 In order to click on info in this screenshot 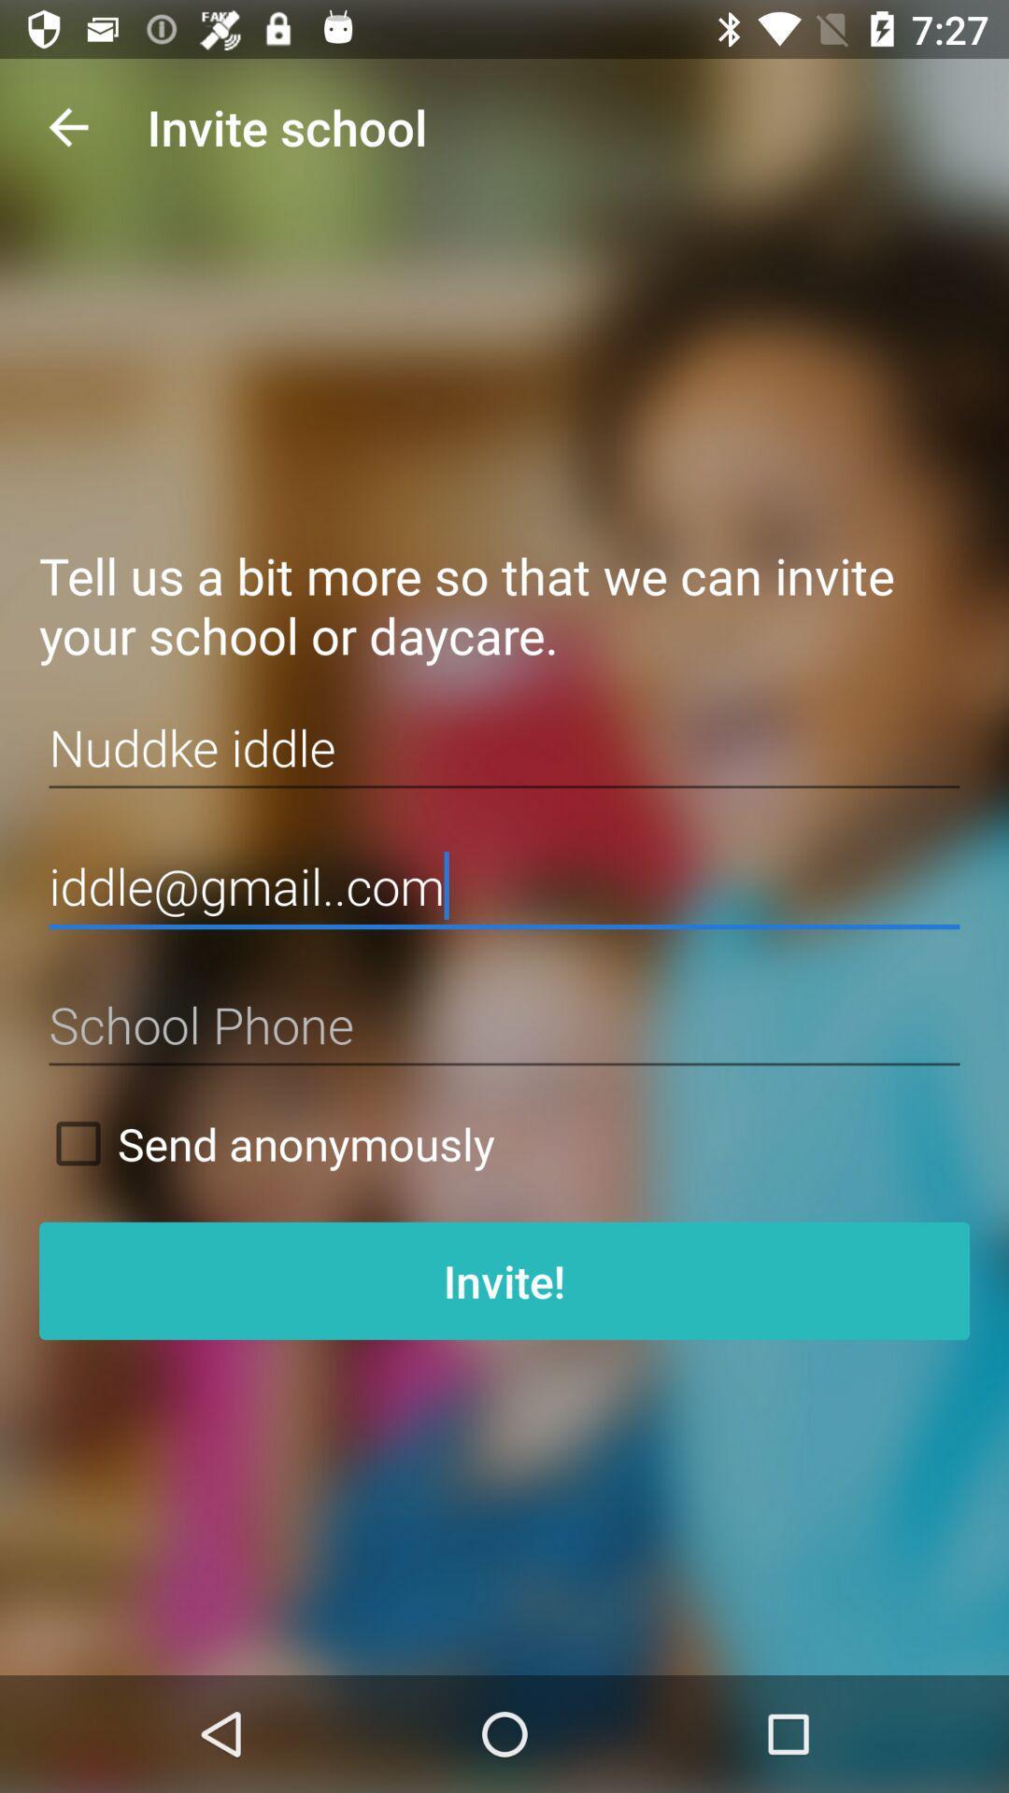, I will do `click(504, 1024)`.